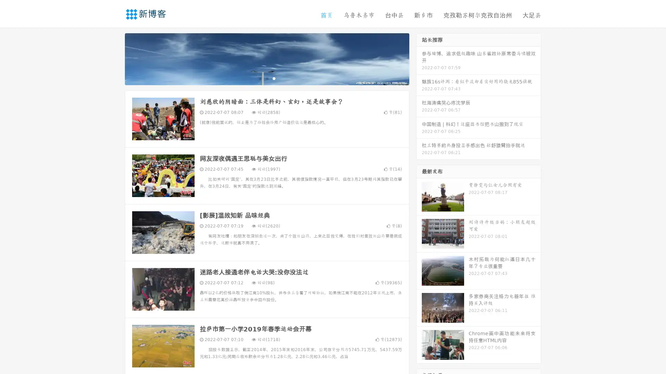  What do you see at coordinates (419, 58) in the screenshot?
I see `Next slide` at bounding box center [419, 58].